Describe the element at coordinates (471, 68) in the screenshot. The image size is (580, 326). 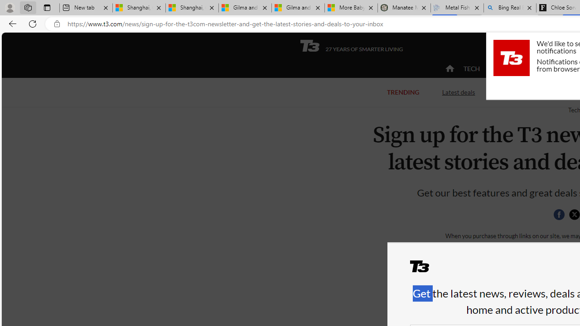
I see `'TECH'` at that location.